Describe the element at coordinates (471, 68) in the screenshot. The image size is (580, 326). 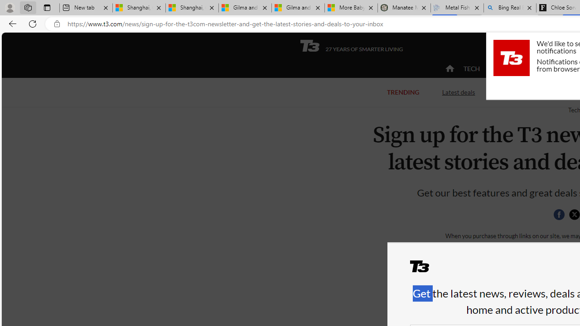
I see `'TECH'` at that location.